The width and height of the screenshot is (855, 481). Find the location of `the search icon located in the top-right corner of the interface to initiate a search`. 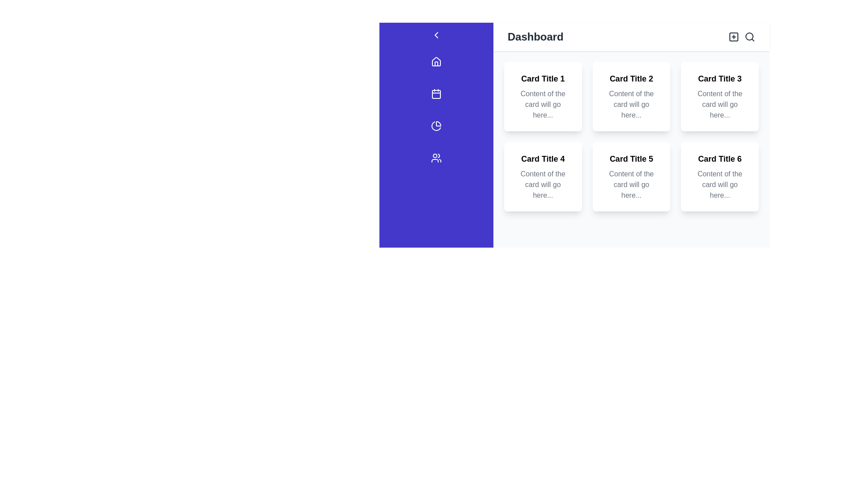

the search icon located in the top-right corner of the interface to initiate a search is located at coordinates (749, 37).